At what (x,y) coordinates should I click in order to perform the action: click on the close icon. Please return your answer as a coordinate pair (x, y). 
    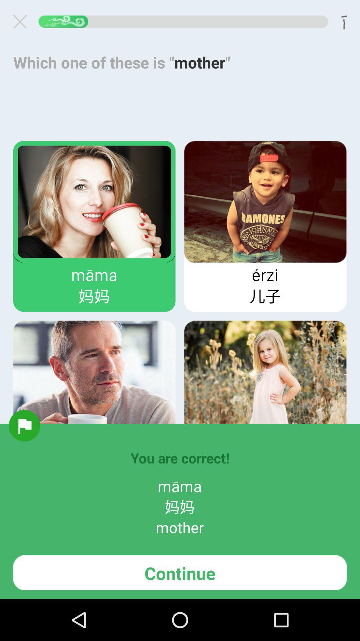
    Looking at the image, I should click on (22, 23).